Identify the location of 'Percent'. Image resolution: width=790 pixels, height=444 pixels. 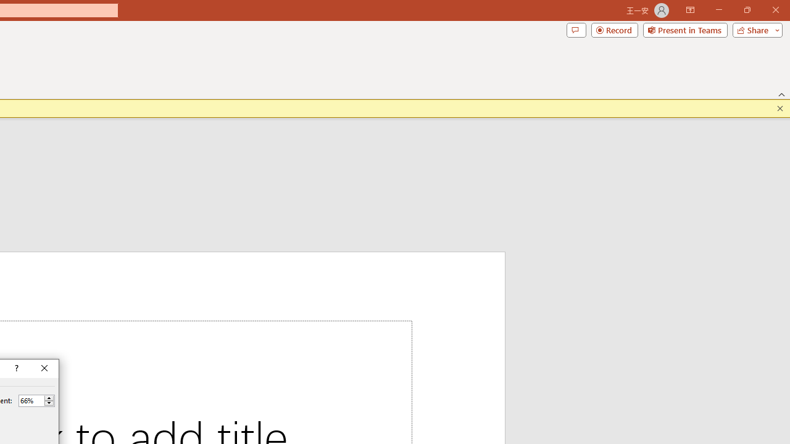
(31, 400).